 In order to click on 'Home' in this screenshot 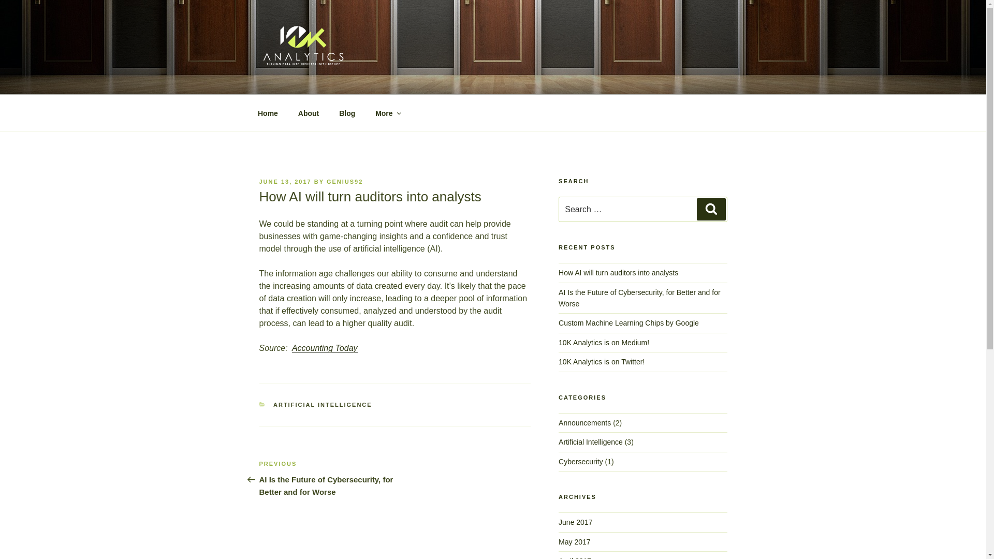, I will do `click(268, 113)`.